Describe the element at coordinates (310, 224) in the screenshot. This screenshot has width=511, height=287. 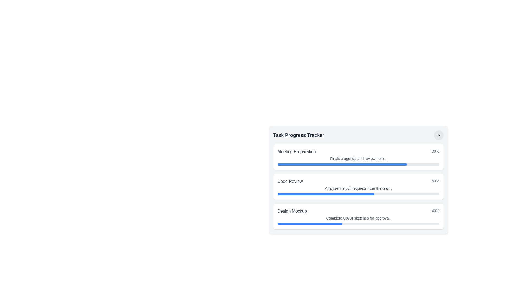
I see `the progress bar that represents the completion status of the 'Design Mockup' task, located within the 'Task Progress Tracker' section` at that location.